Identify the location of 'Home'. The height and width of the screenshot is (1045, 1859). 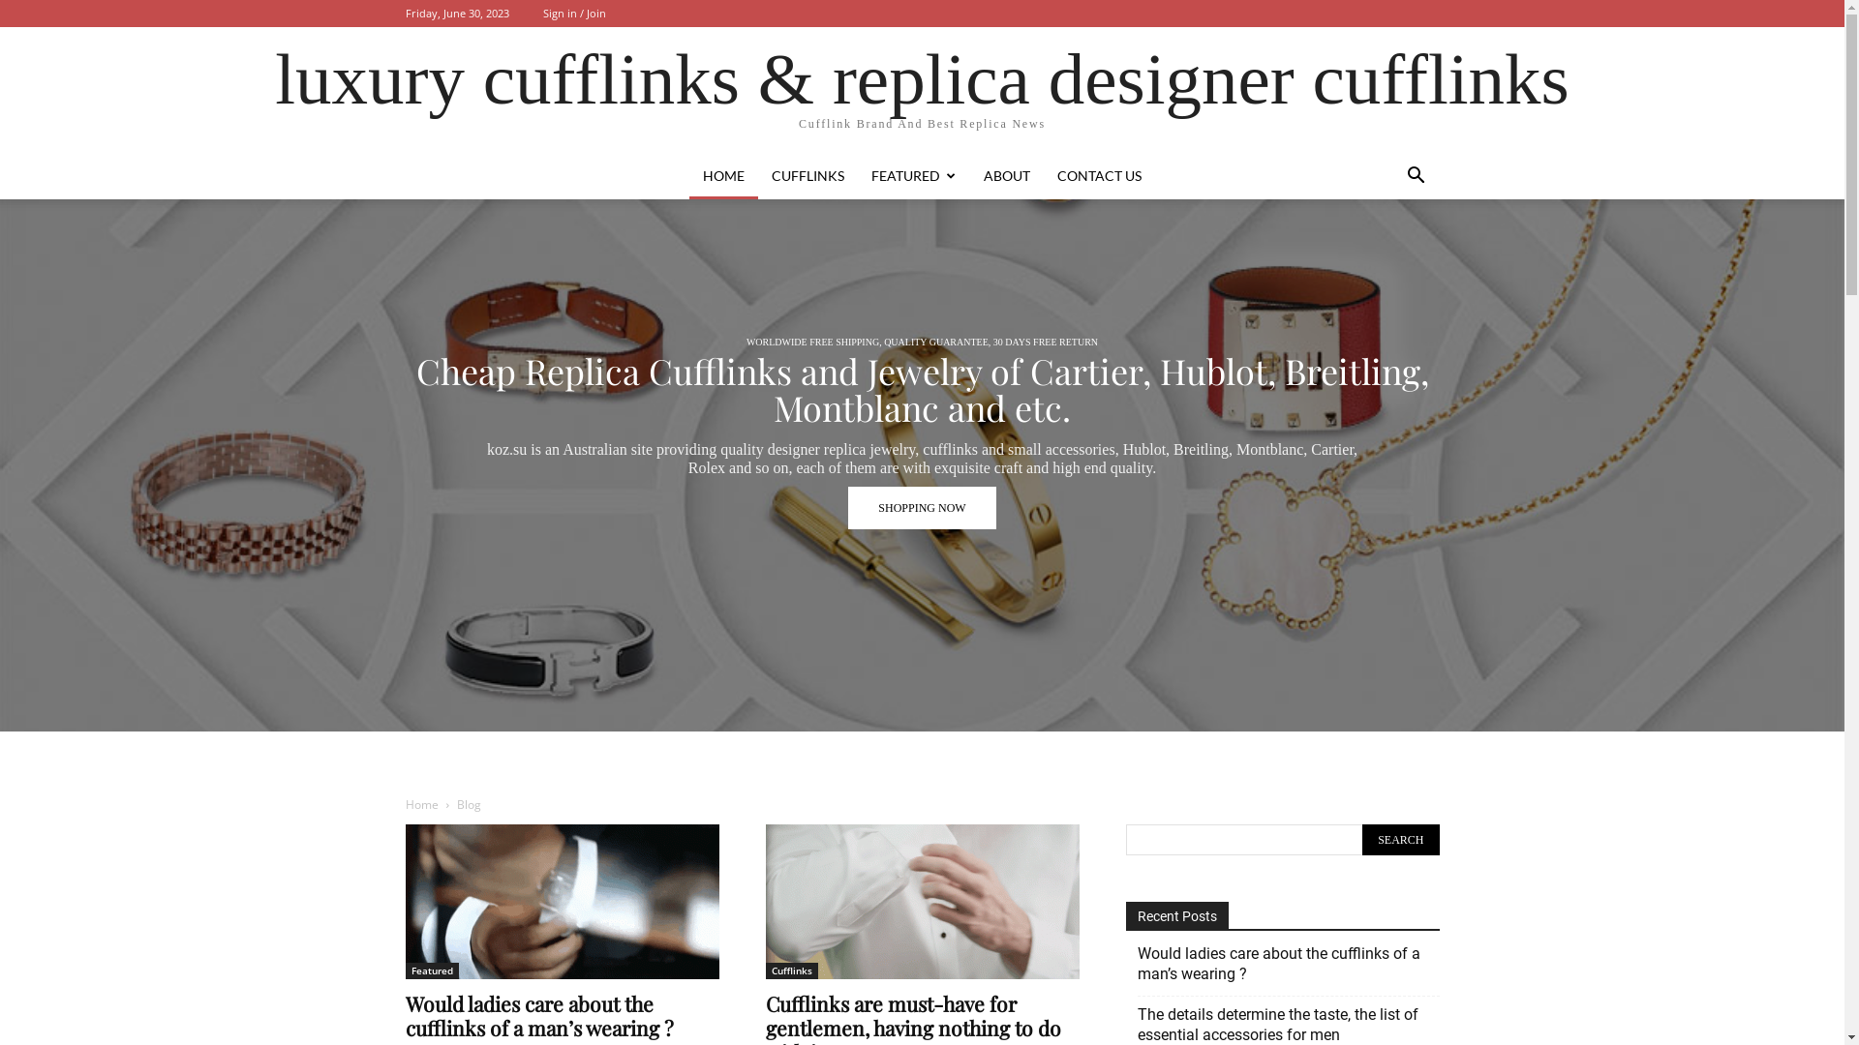
(403, 804).